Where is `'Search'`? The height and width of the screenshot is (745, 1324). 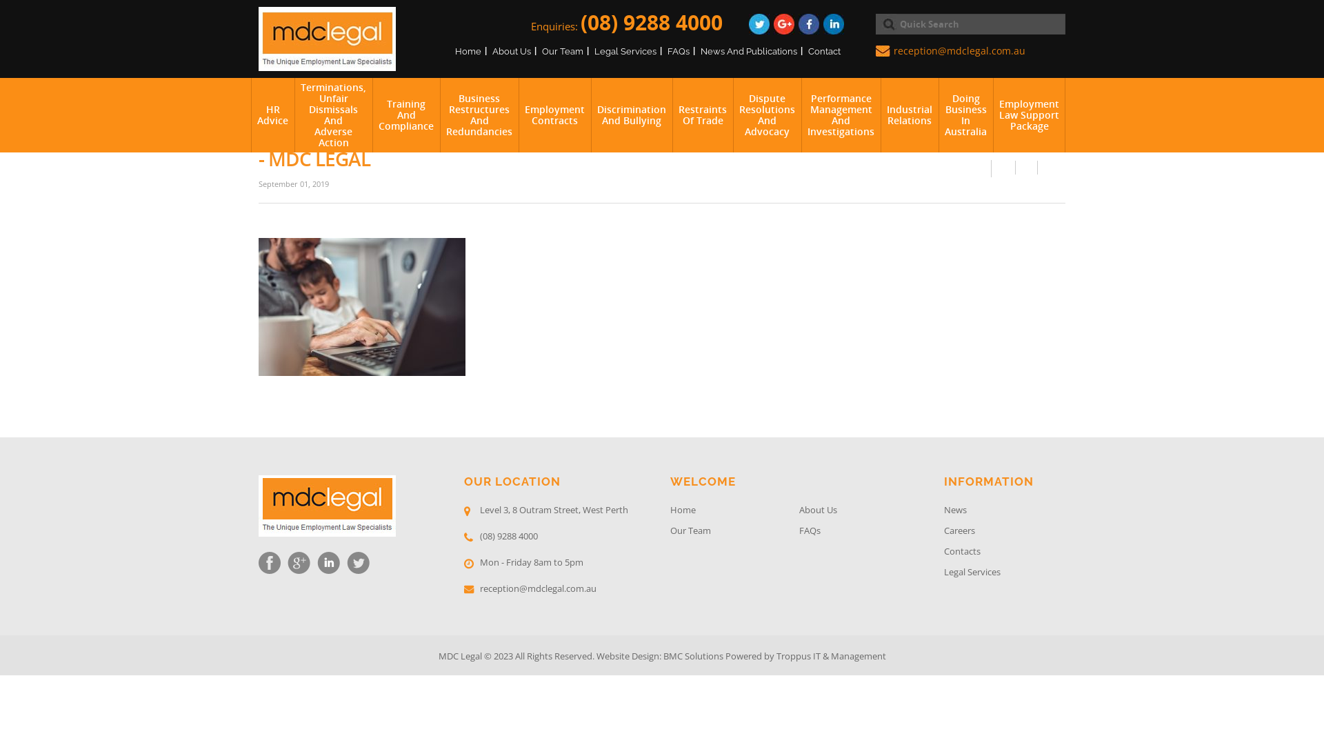 'Search' is located at coordinates (886, 23).